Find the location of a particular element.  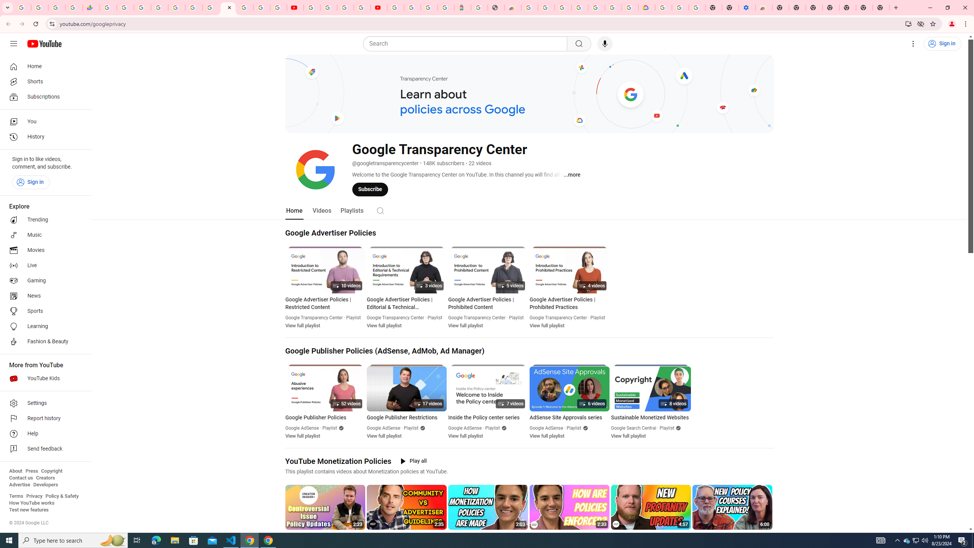

'Sports' is located at coordinates (43, 311).